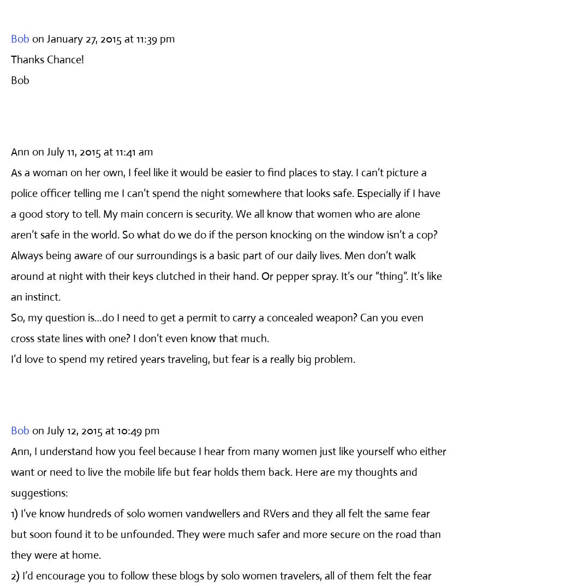  I want to click on 'on July 11, 2015 at 11:41 am', so click(92, 151).